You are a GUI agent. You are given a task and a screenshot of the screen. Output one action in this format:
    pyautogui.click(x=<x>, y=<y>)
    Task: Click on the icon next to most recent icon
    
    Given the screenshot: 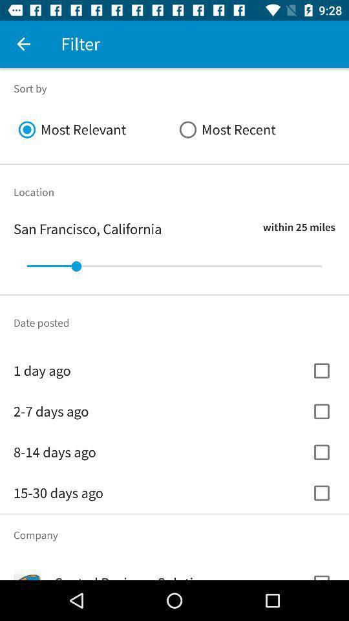 What is the action you would take?
    pyautogui.click(x=93, y=129)
    